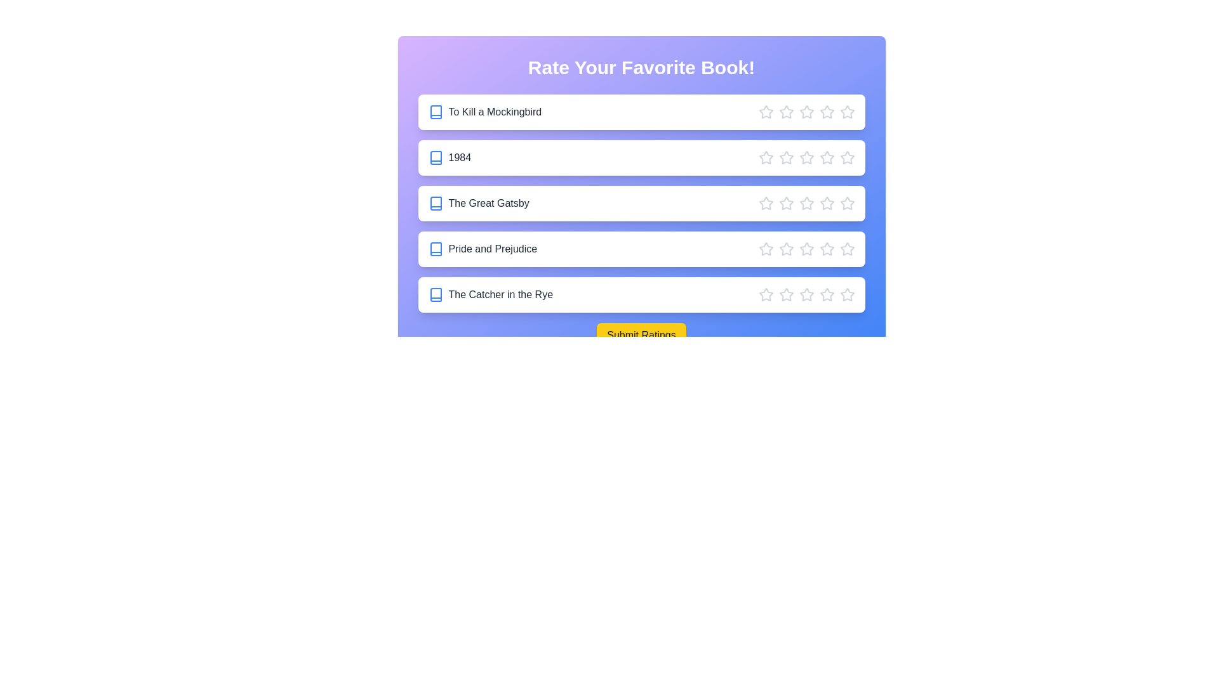 The width and height of the screenshot is (1219, 685). I want to click on the star corresponding to 4 stars for the book 'Pride and Prejudice', so click(827, 249).